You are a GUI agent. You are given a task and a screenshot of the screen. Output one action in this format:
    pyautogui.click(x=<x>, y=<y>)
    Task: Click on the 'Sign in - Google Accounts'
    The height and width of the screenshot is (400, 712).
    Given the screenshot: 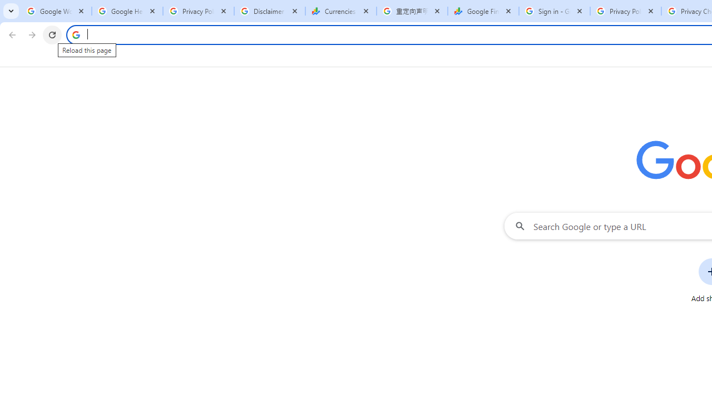 What is the action you would take?
    pyautogui.click(x=555, y=11)
    